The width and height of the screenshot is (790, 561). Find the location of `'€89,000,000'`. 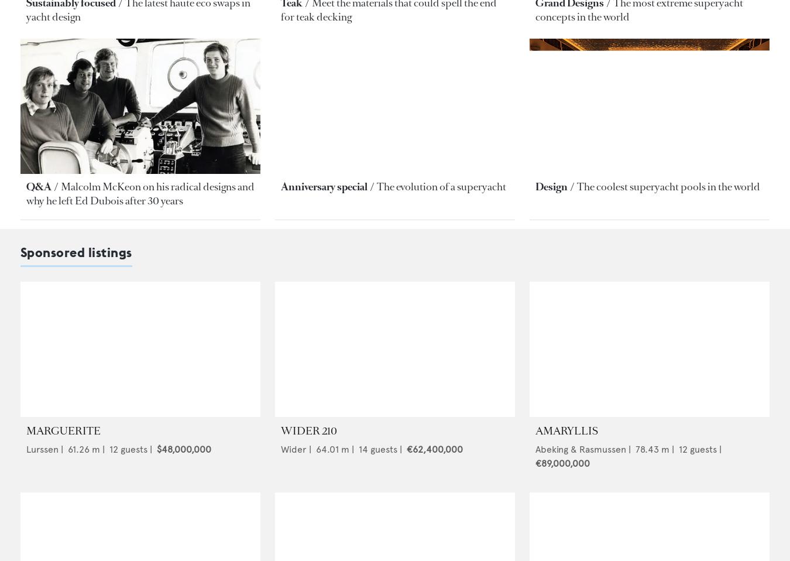

'€89,000,000' is located at coordinates (562, 463).